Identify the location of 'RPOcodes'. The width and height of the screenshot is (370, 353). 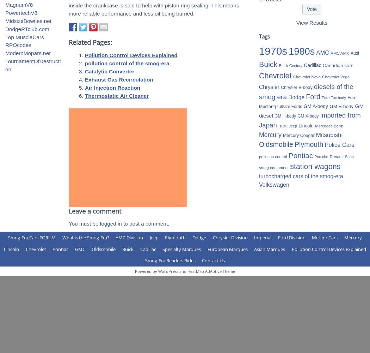
(18, 45).